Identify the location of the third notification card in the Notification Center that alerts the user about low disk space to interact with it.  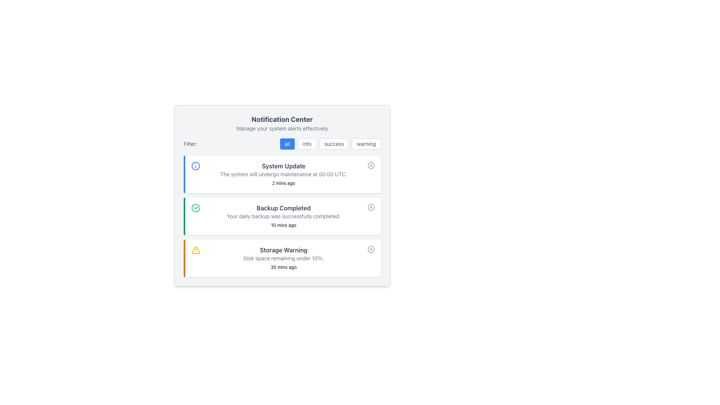
(283, 258).